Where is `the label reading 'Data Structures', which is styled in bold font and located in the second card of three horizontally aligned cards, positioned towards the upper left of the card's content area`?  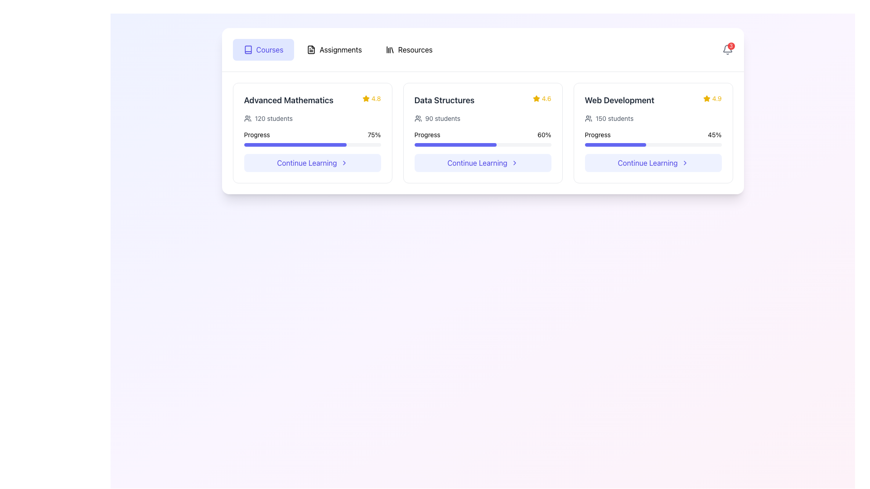 the label reading 'Data Structures', which is styled in bold font and located in the second card of three horizontally aligned cards, positioned towards the upper left of the card's content area is located at coordinates (444, 101).